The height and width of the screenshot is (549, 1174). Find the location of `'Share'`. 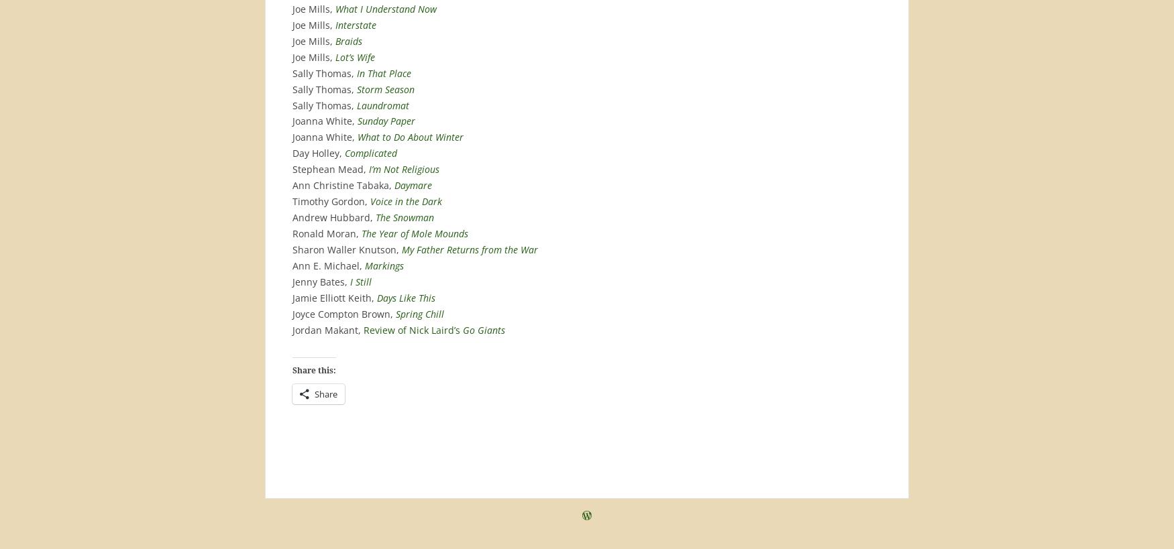

'Share' is located at coordinates (325, 392).